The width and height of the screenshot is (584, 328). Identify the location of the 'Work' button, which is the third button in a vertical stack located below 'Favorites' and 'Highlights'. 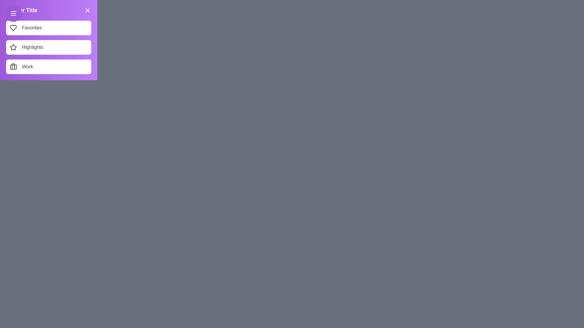
(48, 67).